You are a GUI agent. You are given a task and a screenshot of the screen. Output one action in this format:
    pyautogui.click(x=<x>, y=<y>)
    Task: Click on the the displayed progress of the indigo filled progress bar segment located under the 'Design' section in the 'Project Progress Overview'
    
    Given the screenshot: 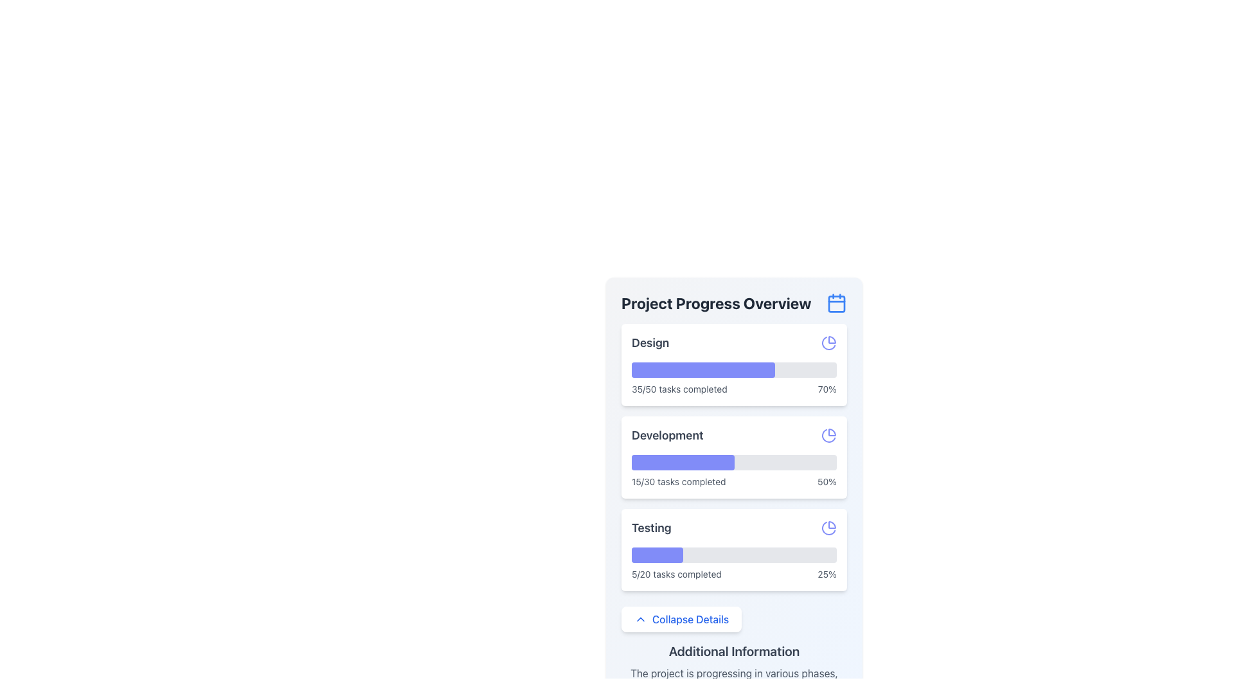 What is the action you would take?
    pyautogui.click(x=702, y=369)
    